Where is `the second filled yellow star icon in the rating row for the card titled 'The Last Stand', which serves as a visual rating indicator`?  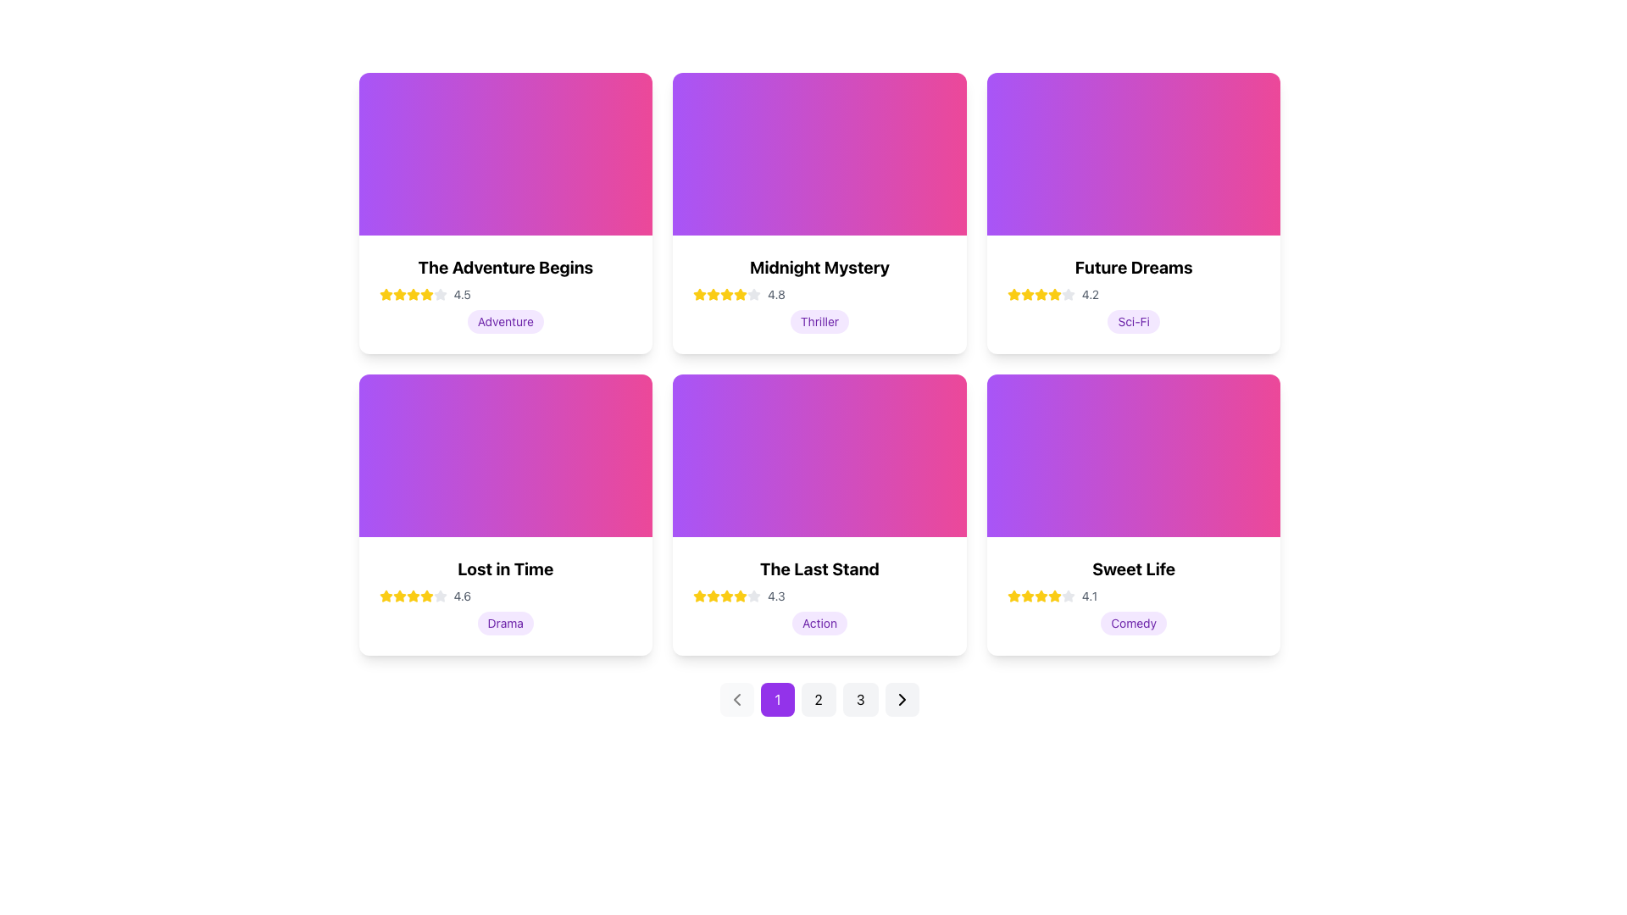 the second filled yellow star icon in the rating row for the card titled 'The Last Stand', which serves as a visual rating indicator is located at coordinates (714, 595).